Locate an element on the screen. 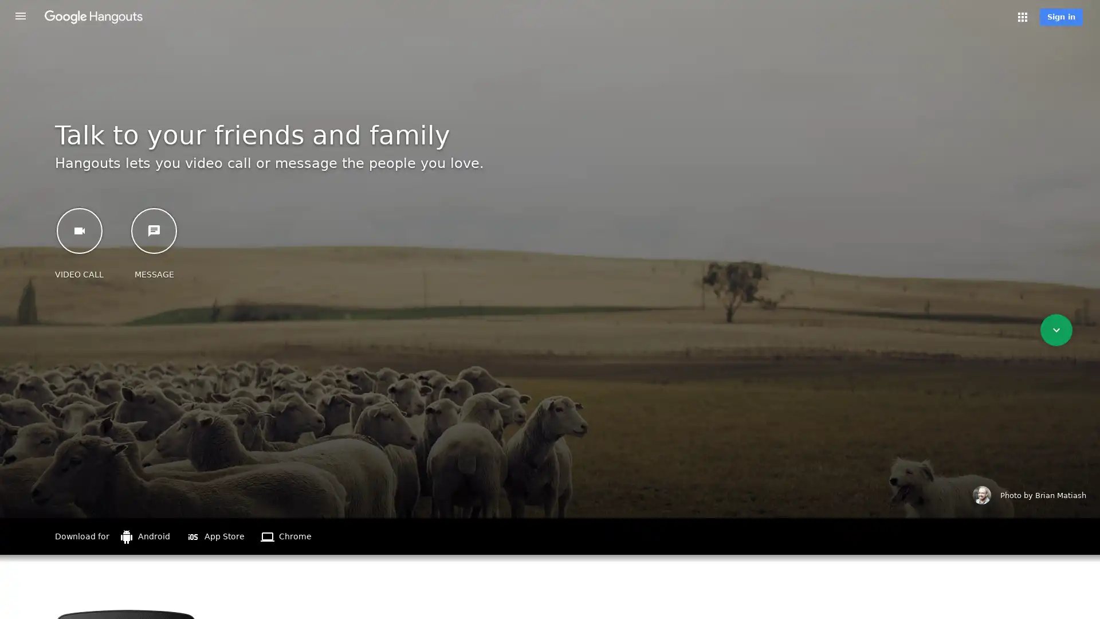  Start chat conversation is located at coordinates (153, 230).